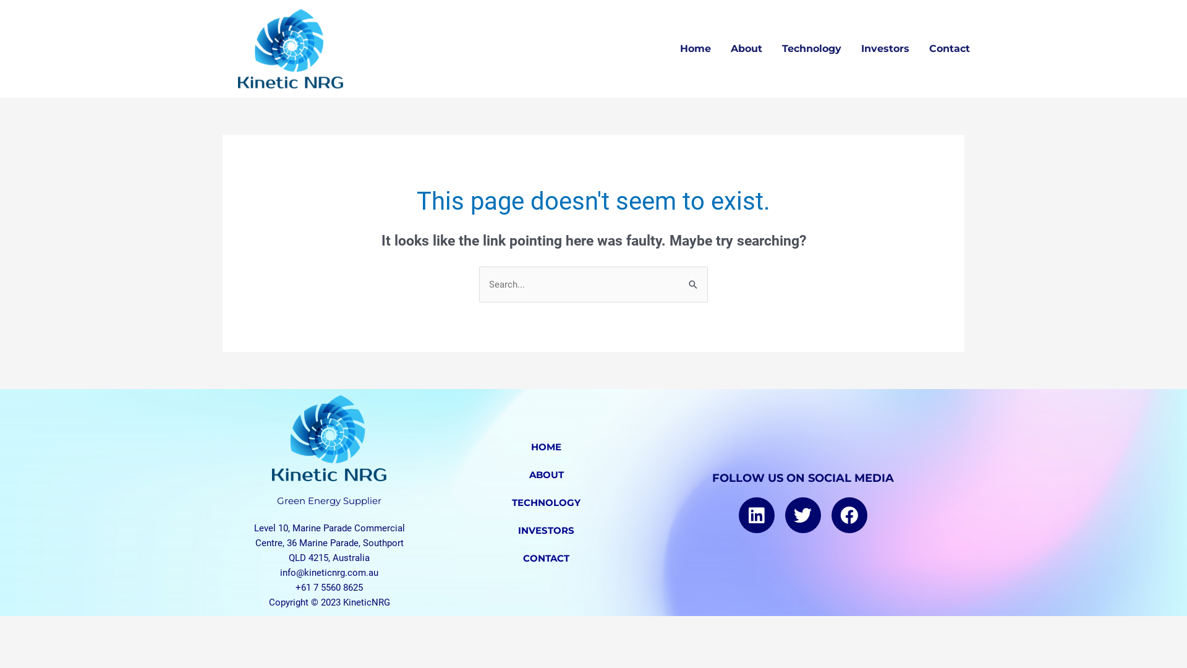 The image size is (1187, 668). Describe the element at coordinates (739, 515) in the screenshot. I see `'Linkedin'` at that location.